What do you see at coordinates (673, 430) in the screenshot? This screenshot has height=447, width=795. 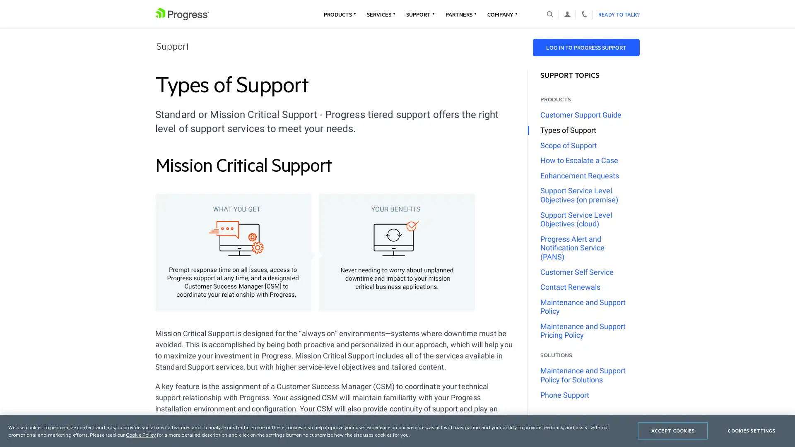 I see `ACCEPT COOKIES` at bounding box center [673, 430].